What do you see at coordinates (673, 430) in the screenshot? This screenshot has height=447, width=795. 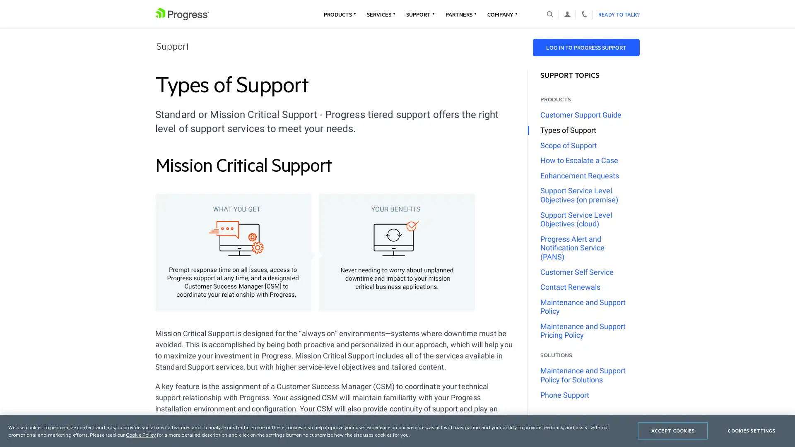 I see `ACCEPT COOKIES` at bounding box center [673, 430].